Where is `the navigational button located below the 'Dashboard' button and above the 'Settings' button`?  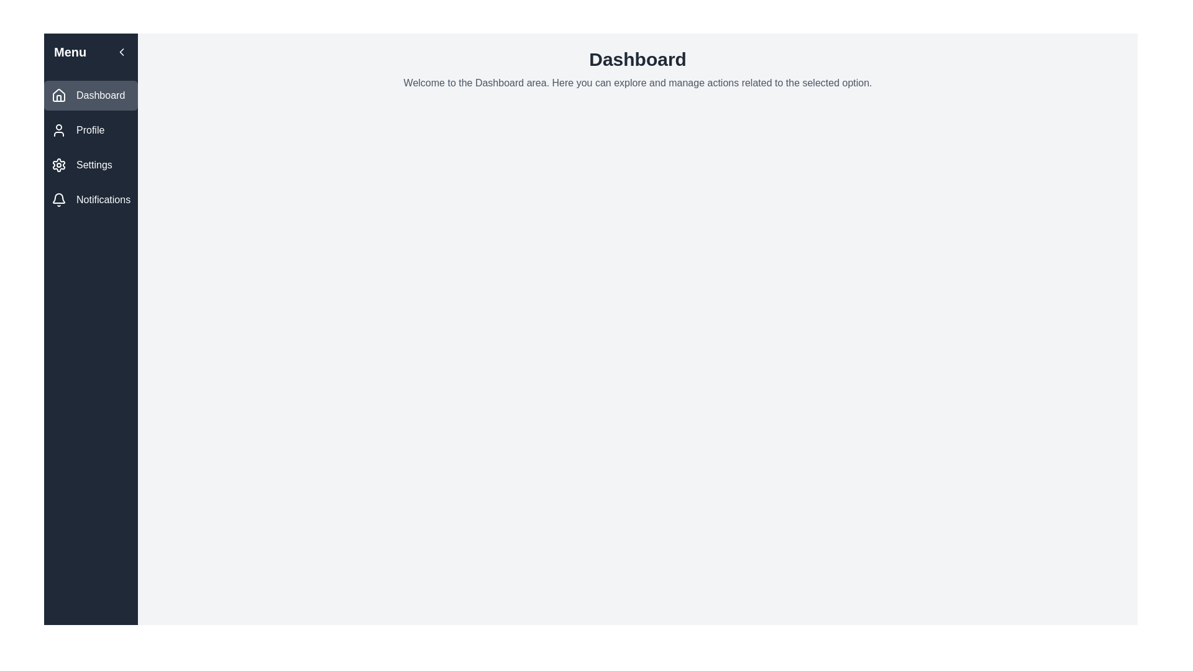 the navigational button located below the 'Dashboard' button and above the 'Settings' button is located at coordinates (90, 130).